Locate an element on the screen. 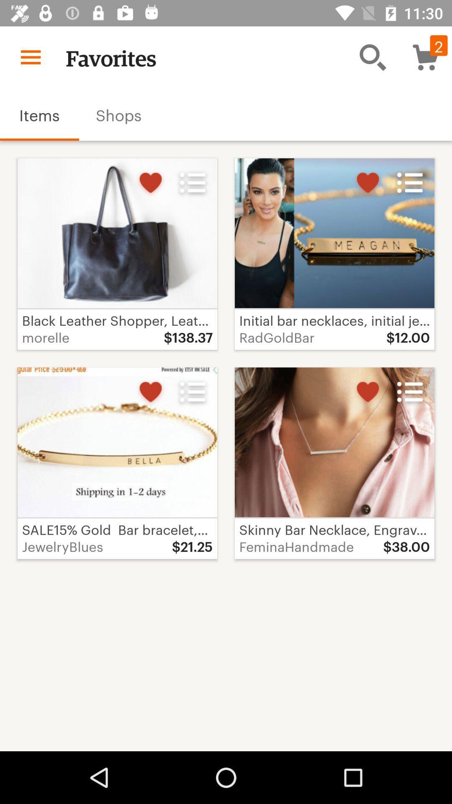 The height and width of the screenshot is (804, 452). icon next to favorites app is located at coordinates (372, 57).